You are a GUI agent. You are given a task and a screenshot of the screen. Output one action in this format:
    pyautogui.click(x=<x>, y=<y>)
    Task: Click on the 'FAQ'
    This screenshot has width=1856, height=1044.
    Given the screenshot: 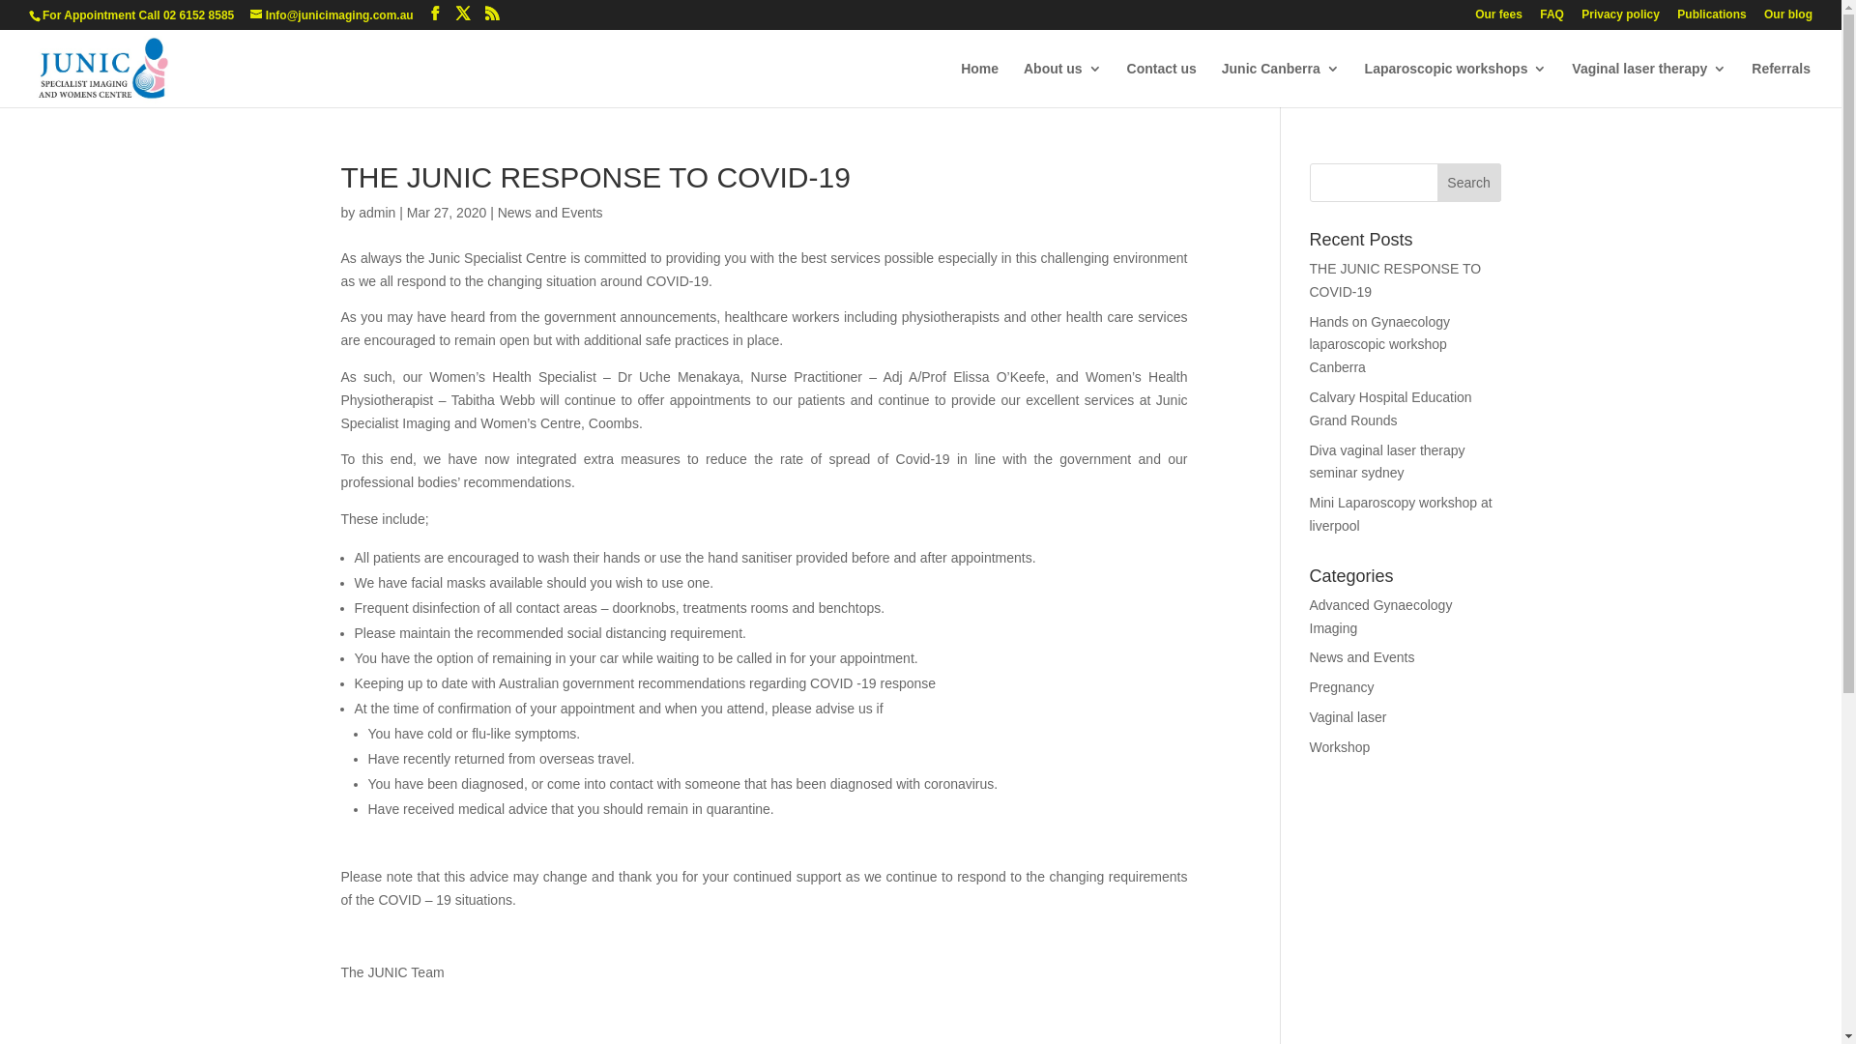 What is the action you would take?
    pyautogui.click(x=1551, y=18)
    